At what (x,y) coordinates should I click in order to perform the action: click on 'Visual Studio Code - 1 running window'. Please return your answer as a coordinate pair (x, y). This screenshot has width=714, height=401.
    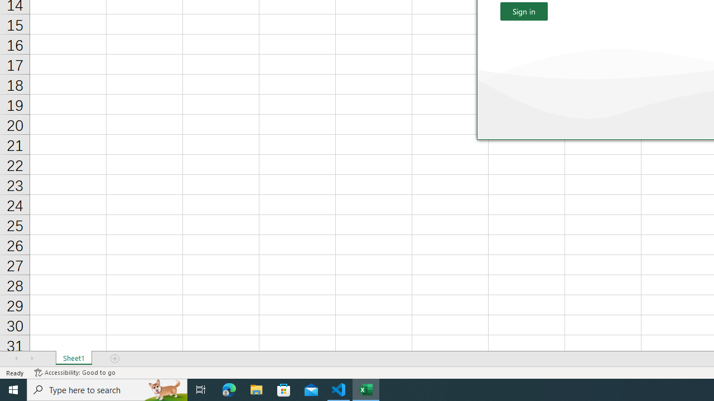
    Looking at the image, I should click on (338, 389).